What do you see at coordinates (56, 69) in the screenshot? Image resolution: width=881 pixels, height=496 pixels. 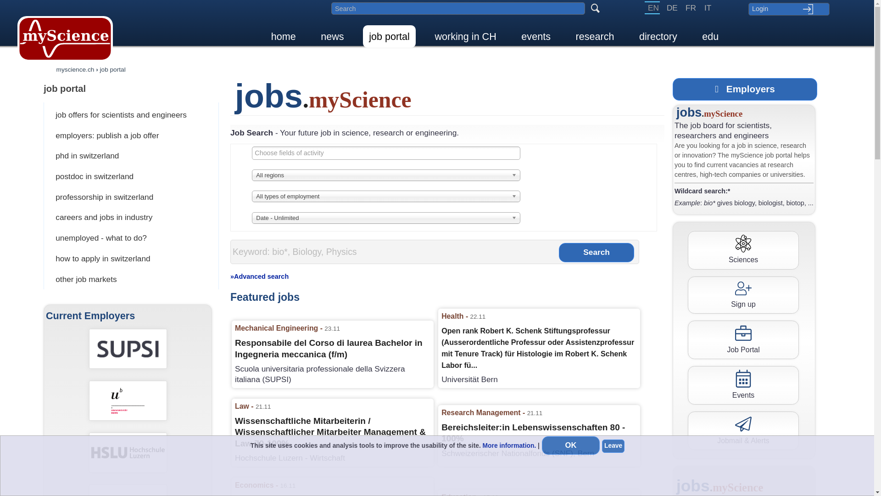 I see `'myscience.ch'` at bounding box center [56, 69].